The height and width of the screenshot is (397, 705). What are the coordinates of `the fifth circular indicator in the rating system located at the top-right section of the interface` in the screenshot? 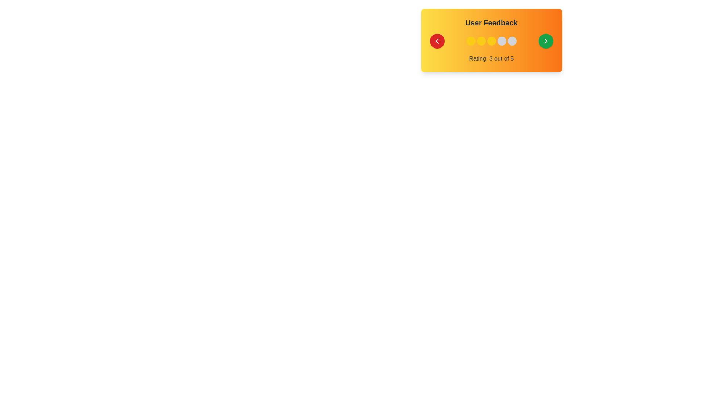 It's located at (511, 41).